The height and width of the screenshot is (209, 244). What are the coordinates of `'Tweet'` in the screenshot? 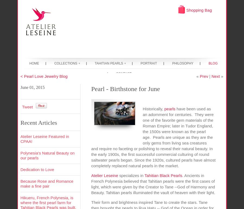 It's located at (27, 107).